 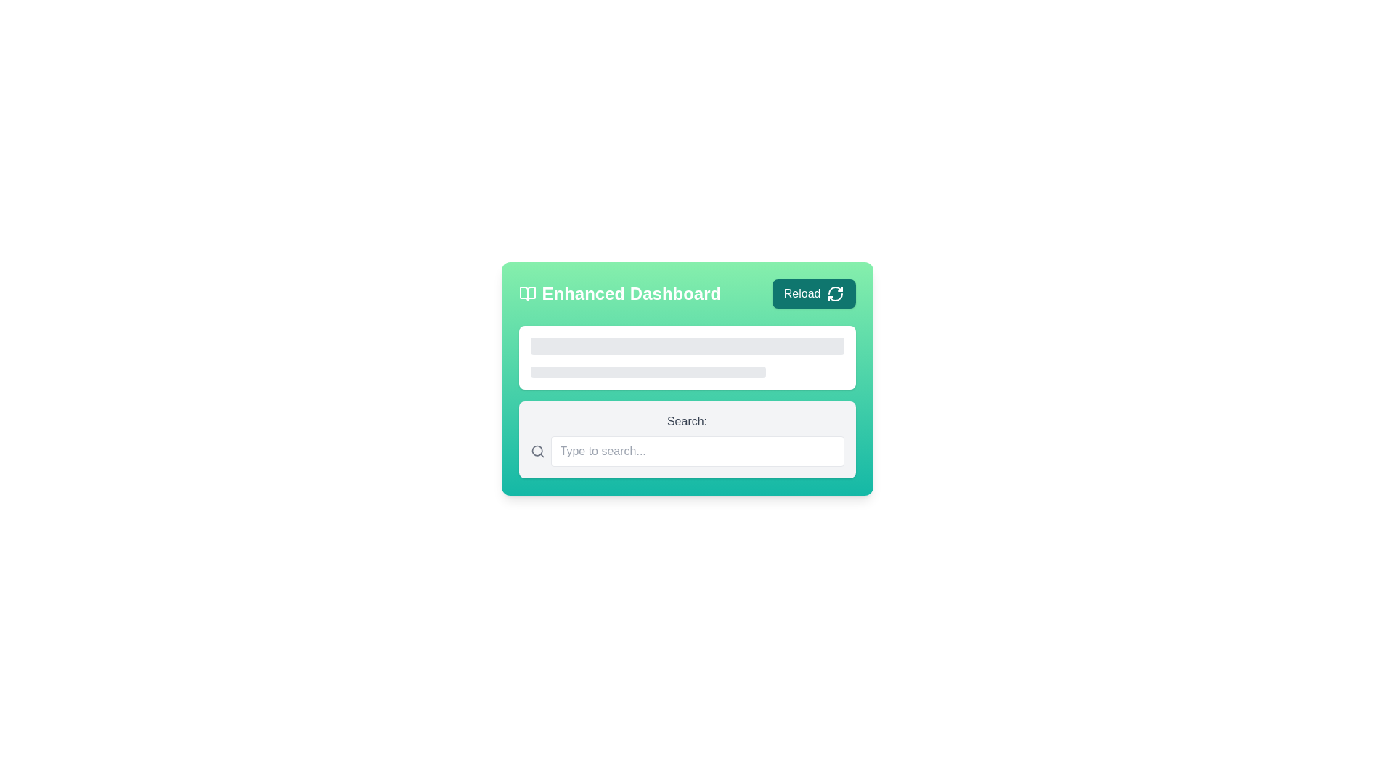 What do you see at coordinates (536, 450) in the screenshot?
I see `the circular graphical element that is part of the search icon in the search bar located at the bottom left of the input field labeled 'Type to search...'` at bounding box center [536, 450].